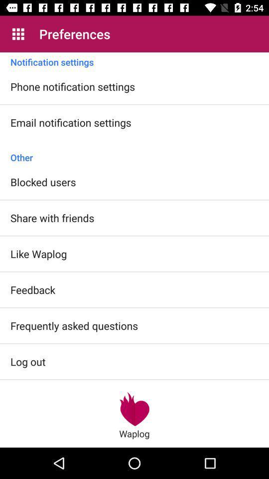  Describe the element at coordinates (38, 253) in the screenshot. I see `icon below the share with friends` at that location.